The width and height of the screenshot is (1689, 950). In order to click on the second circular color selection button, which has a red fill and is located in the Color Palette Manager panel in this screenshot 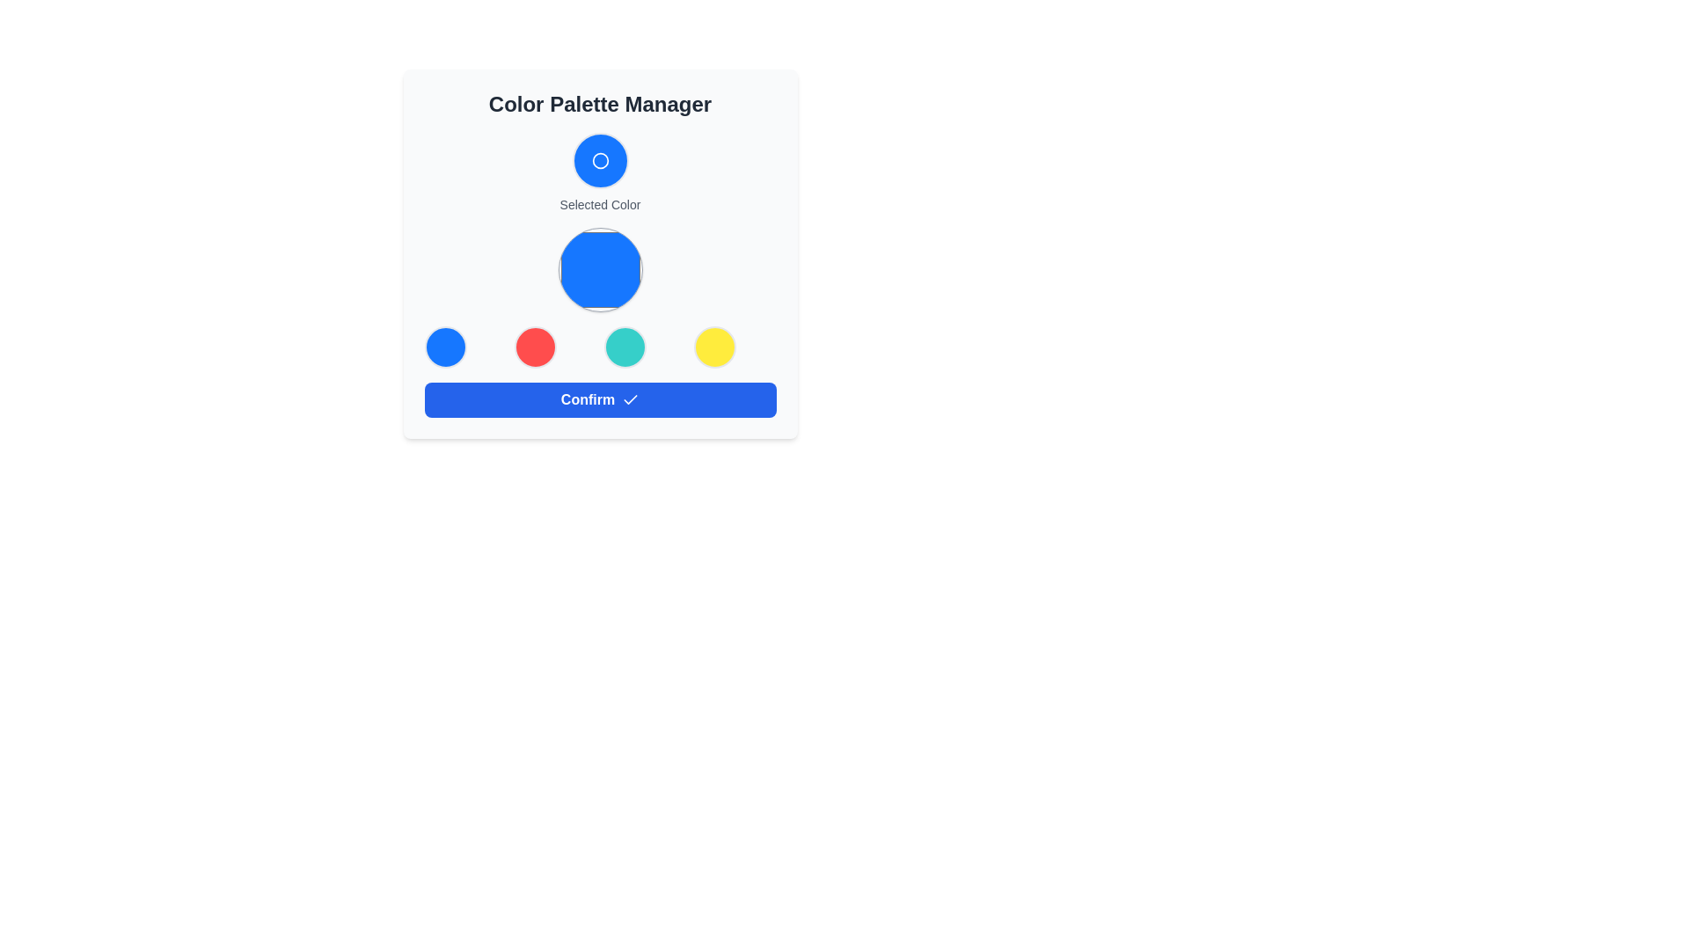, I will do `click(534, 347)`.